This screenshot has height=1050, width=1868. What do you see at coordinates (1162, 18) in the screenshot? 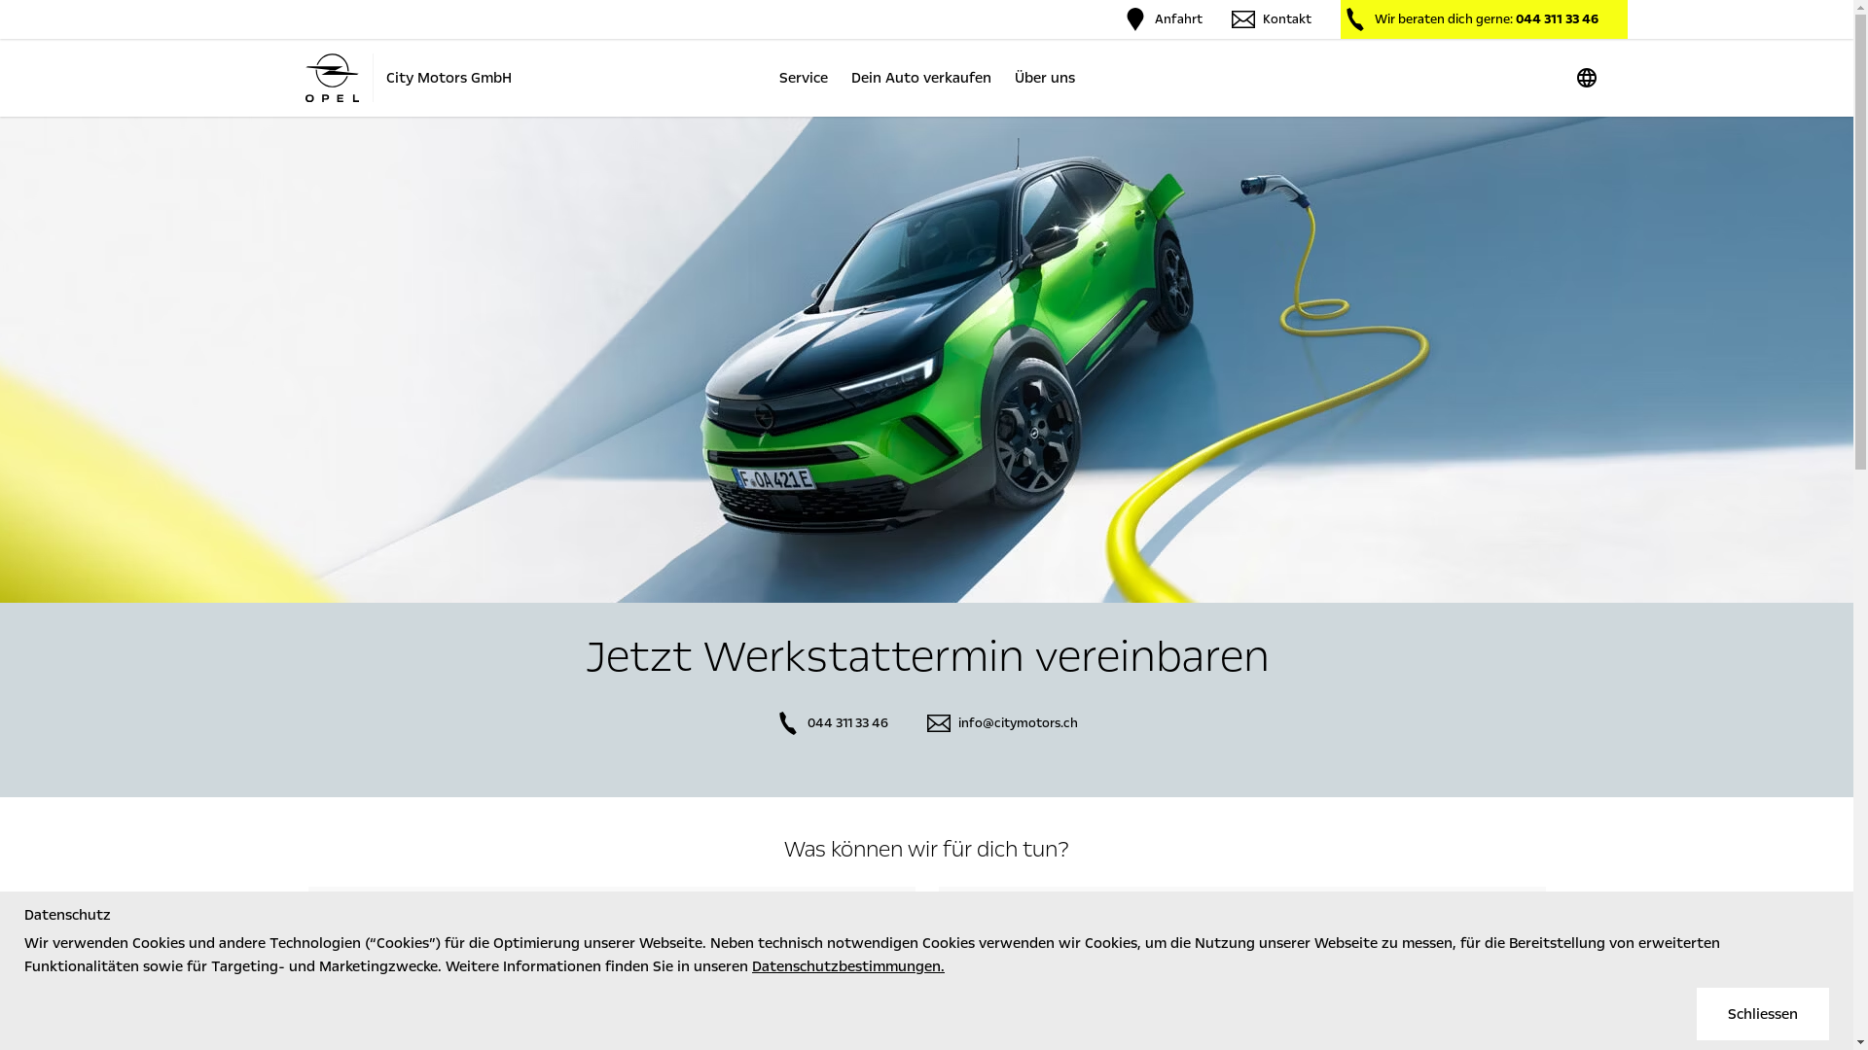
I see `'Anfahrt'` at bounding box center [1162, 18].